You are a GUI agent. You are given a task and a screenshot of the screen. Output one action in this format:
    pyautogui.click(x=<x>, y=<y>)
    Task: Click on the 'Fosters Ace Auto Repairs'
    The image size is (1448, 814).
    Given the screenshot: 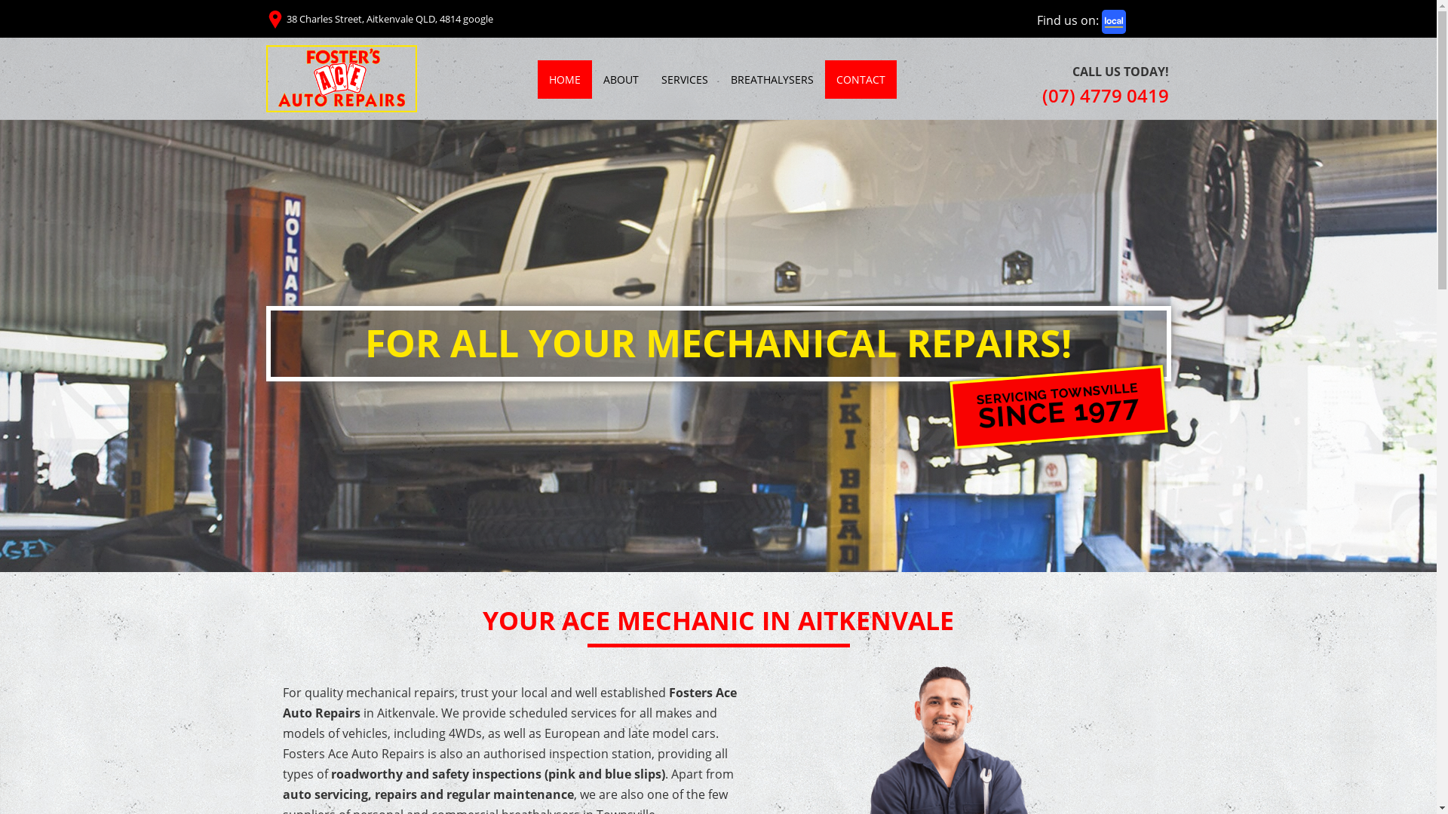 What is the action you would take?
    pyautogui.click(x=339, y=78)
    